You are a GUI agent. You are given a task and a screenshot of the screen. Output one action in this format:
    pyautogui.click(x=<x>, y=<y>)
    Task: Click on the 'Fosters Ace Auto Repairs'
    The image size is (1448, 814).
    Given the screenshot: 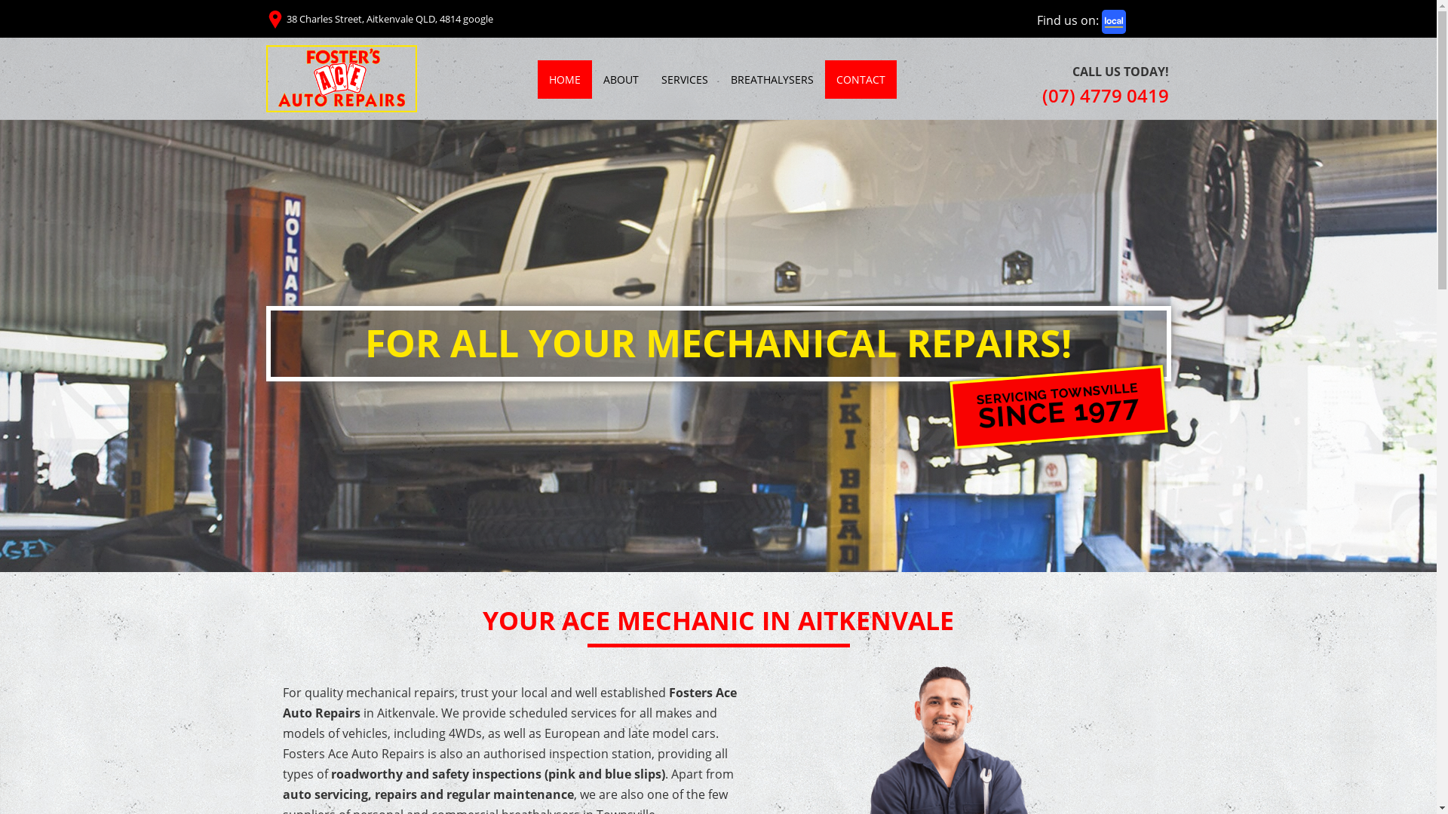 What is the action you would take?
    pyautogui.click(x=339, y=78)
    